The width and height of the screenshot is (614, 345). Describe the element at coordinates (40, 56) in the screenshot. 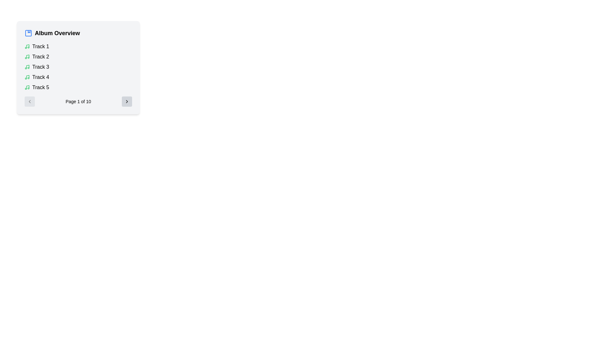

I see `the 'Track 2' text label` at that location.